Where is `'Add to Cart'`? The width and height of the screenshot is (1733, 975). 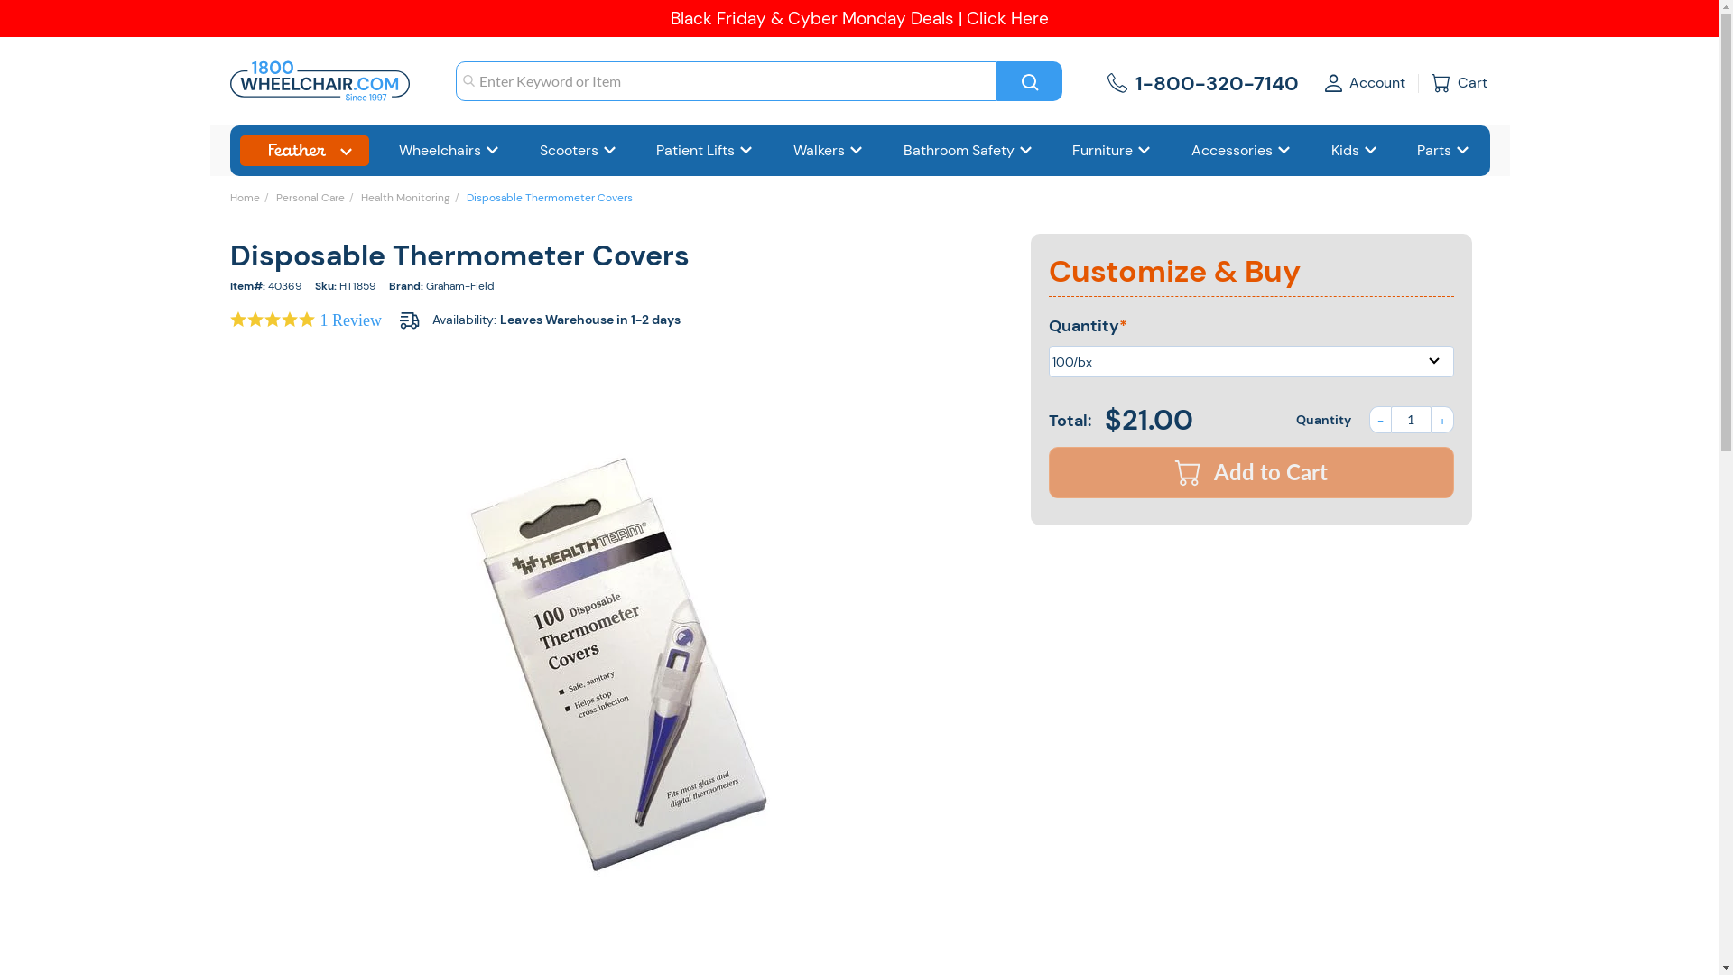 'Add to Cart' is located at coordinates (1250, 471).